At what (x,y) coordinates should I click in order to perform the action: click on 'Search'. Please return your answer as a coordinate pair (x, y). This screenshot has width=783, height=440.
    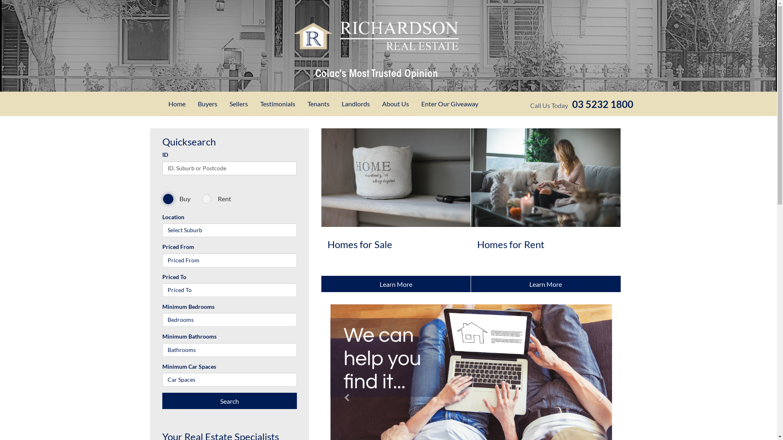
    Looking at the image, I should click on (229, 400).